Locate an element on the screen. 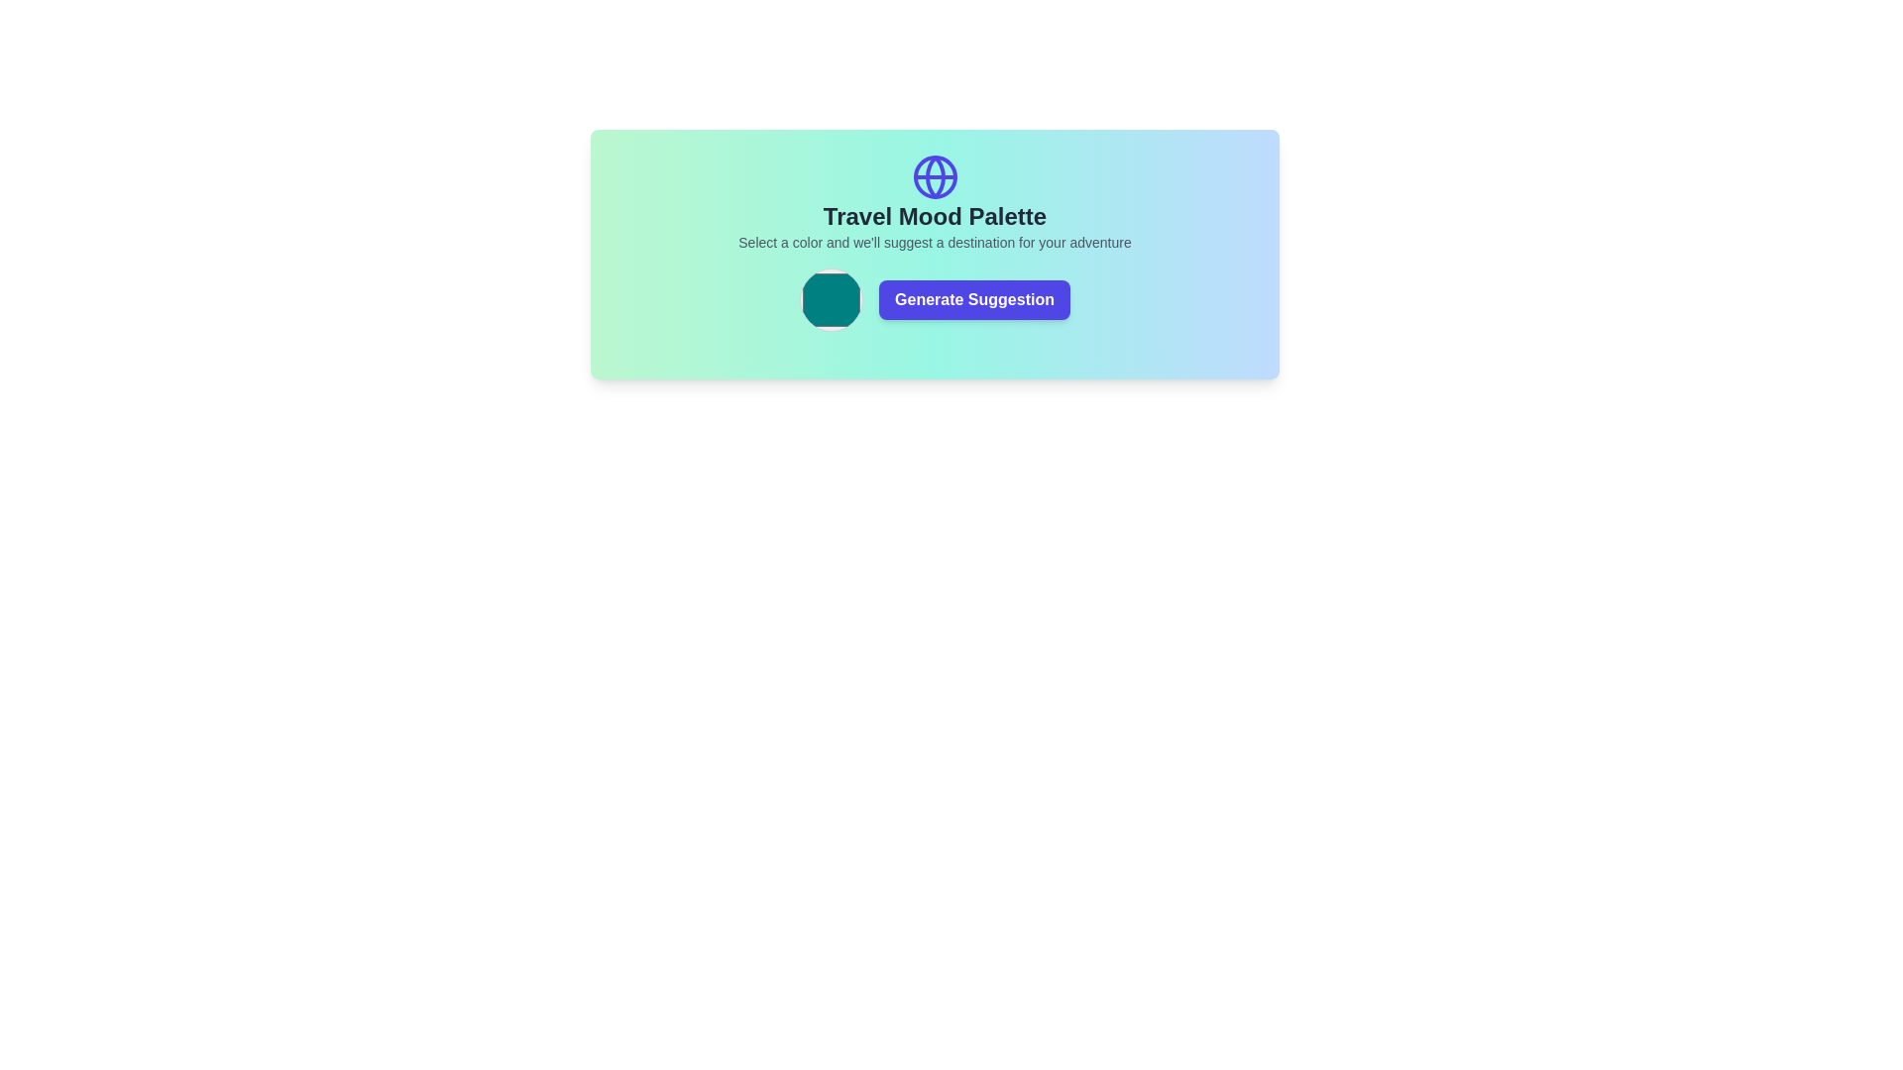 This screenshot has width=1903, height=1070. the 'Travel Mood Palette' text block with an icon that contains a globe icon and a subtitle about color selection is located at coordinates (934, 202).